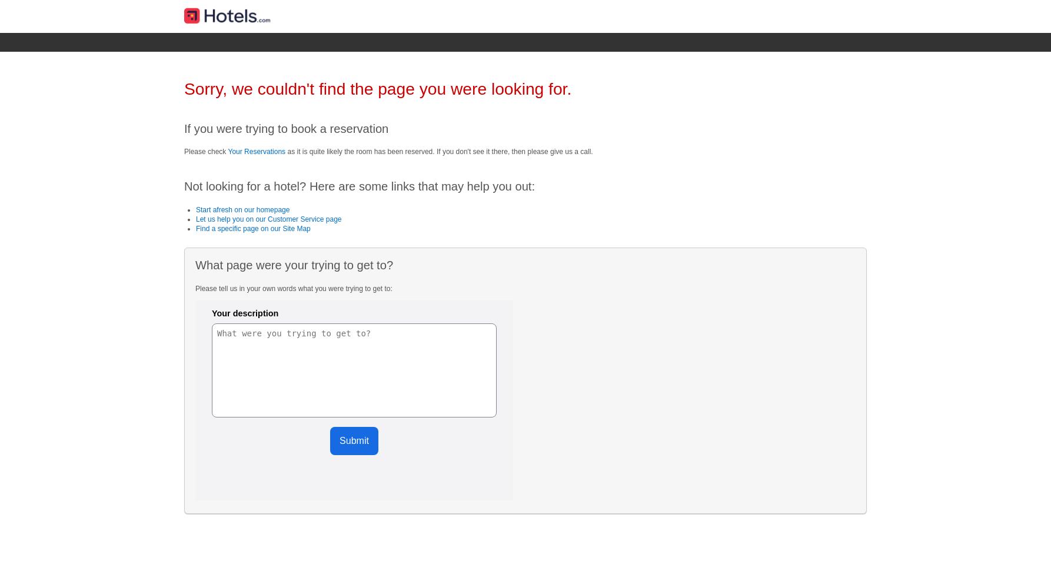 This screenshot has height=588, width=1051. Describe the element at coordinates (184, 128) in the screenshot. I see `'If you were trying to book a reservation'` at that location.